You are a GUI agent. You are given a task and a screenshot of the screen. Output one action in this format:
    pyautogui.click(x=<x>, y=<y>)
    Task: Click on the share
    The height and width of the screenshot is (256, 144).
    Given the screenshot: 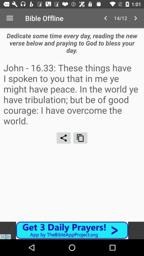 What is the action you would take?
    pyautogui.click(x=63, y=138)
    